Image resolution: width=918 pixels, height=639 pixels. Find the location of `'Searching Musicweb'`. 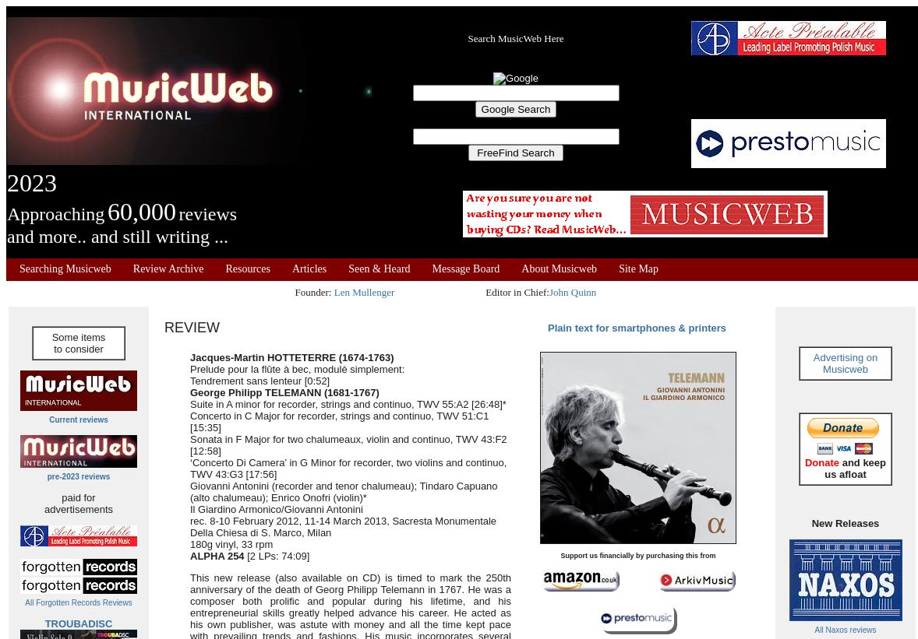

'Searching Musicweb' is located at coordinates (18, 269).